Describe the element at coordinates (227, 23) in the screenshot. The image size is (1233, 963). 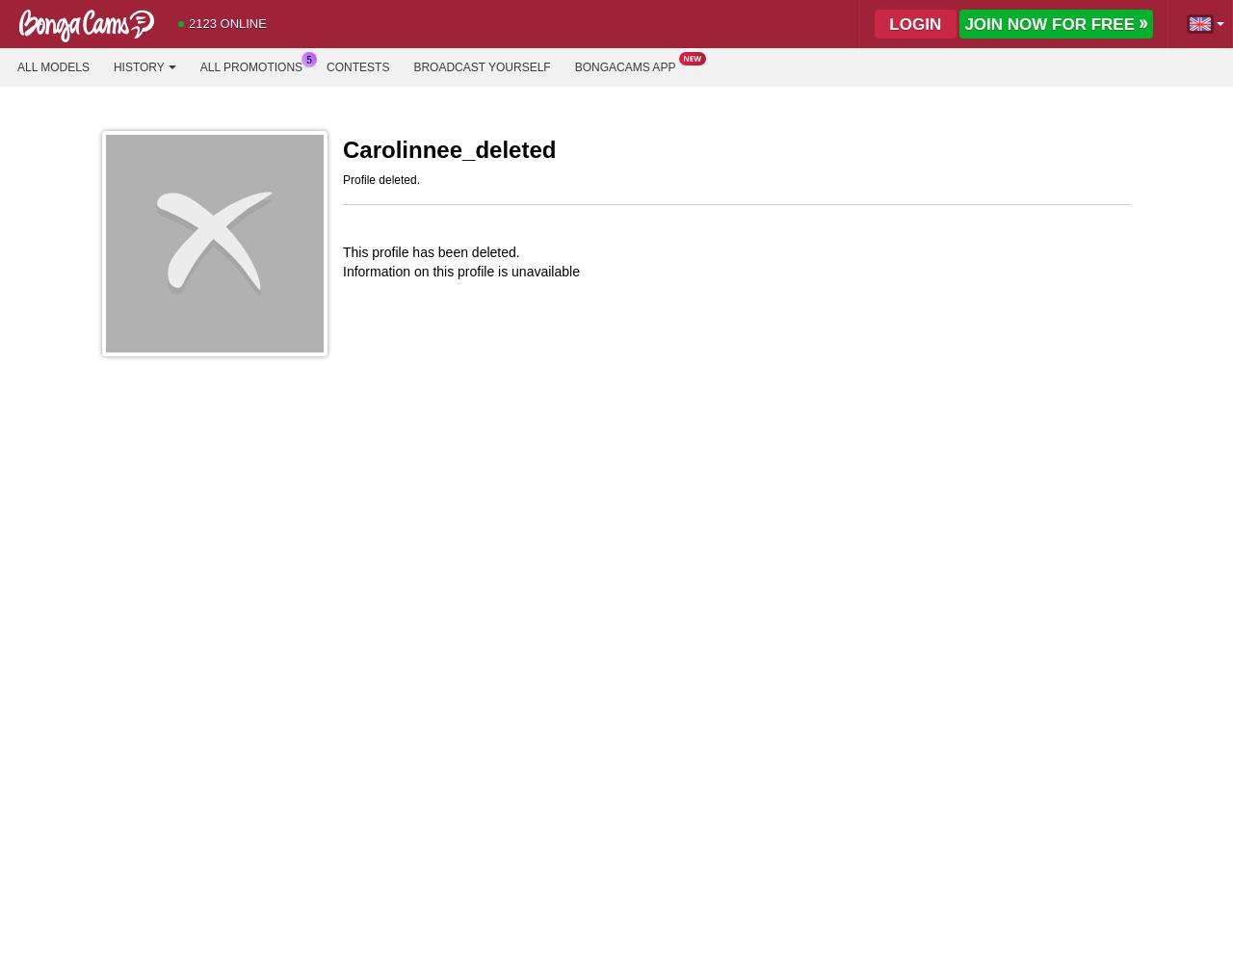
I see `'2123 Online'` at that location.